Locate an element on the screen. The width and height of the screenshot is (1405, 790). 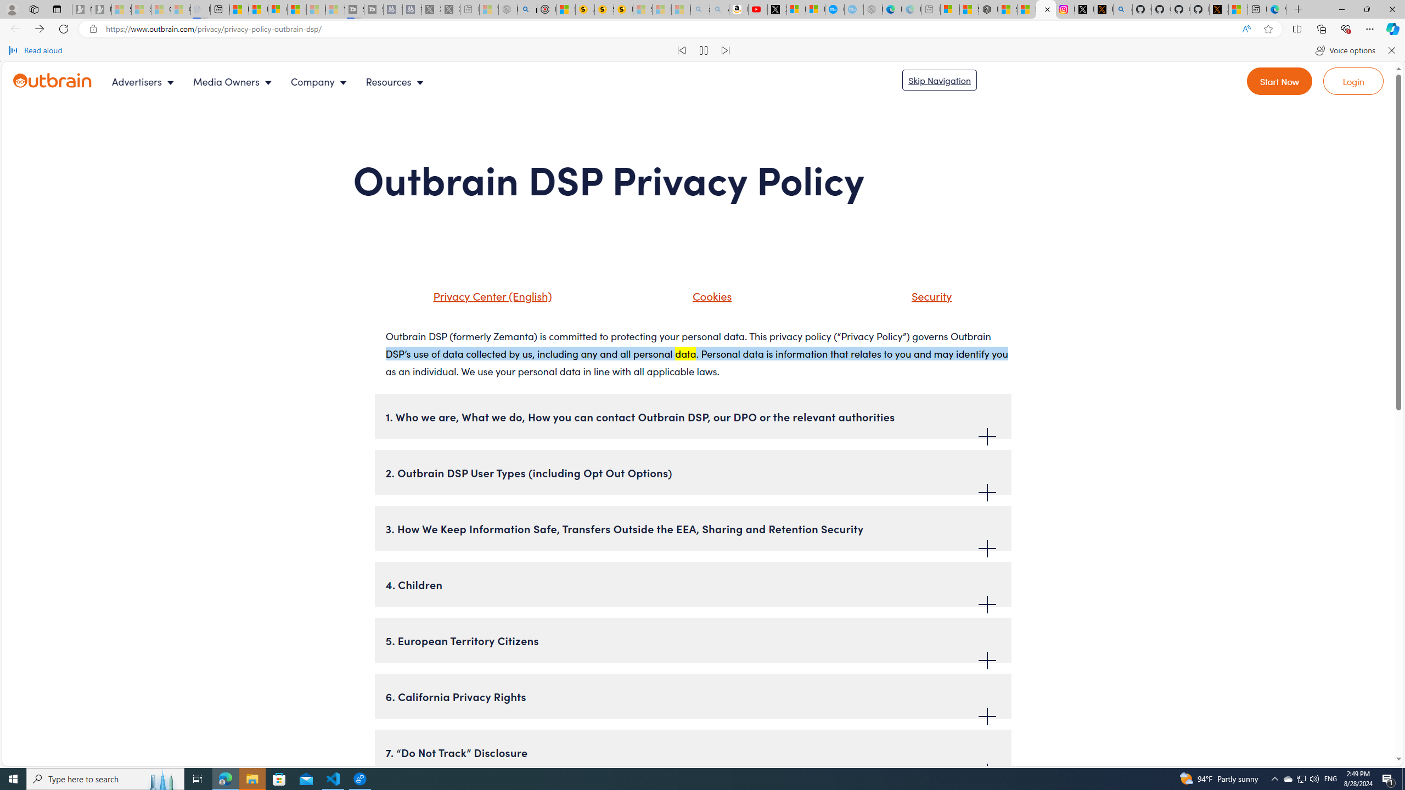
'Nordace - Summer Adventures 2024 - Sleeping' is located at coordinates (508, 9).